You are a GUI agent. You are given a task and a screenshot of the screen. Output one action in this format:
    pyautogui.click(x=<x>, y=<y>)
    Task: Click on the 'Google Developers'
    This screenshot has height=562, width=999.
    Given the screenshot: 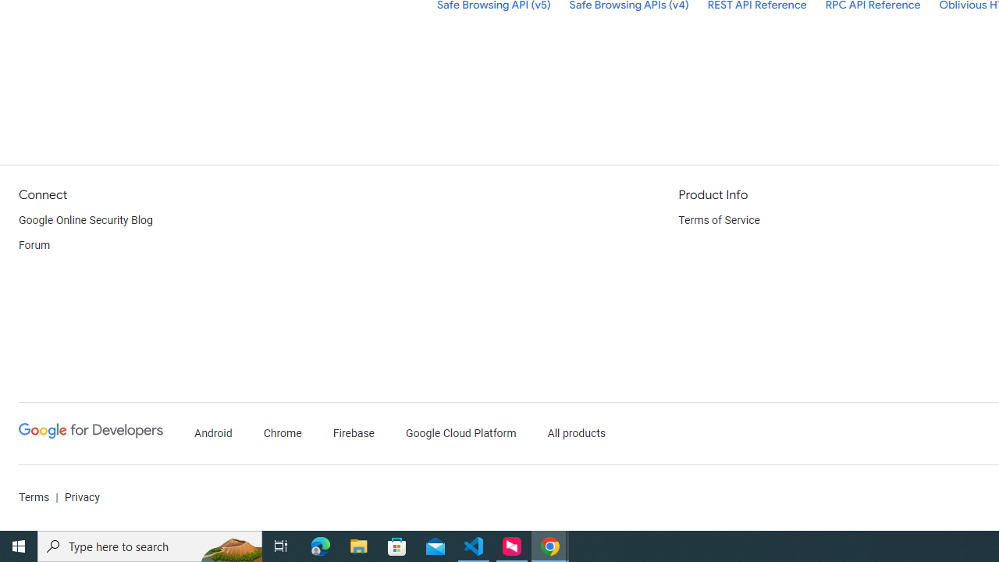 What is the action you would take?
    pyautogui.click(x=90, y=430)
    